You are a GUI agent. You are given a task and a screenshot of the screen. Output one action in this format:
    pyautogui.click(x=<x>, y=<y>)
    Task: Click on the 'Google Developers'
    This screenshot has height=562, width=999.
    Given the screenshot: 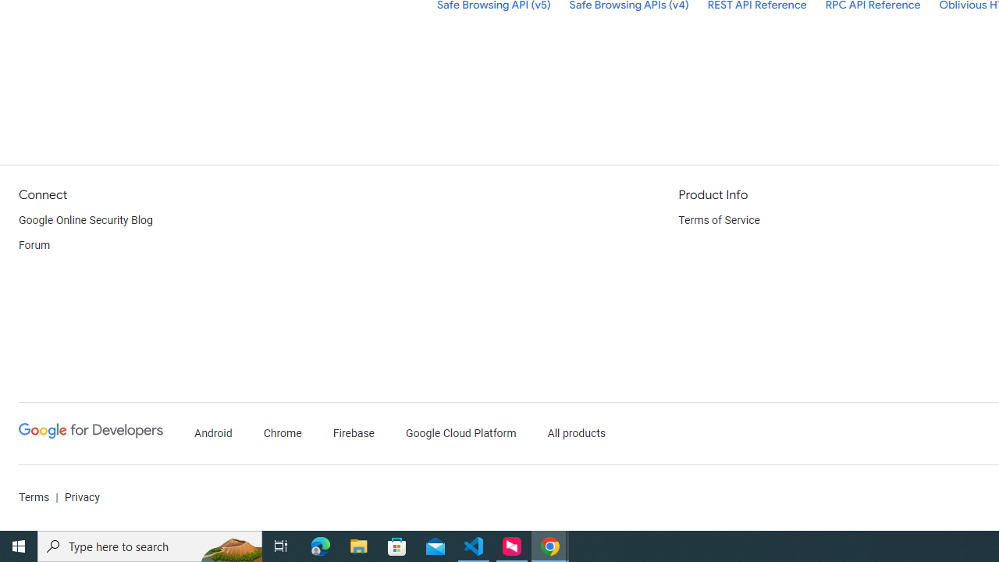 What is the action you would take?
    pyautogui.click(x=90, y=430)
    